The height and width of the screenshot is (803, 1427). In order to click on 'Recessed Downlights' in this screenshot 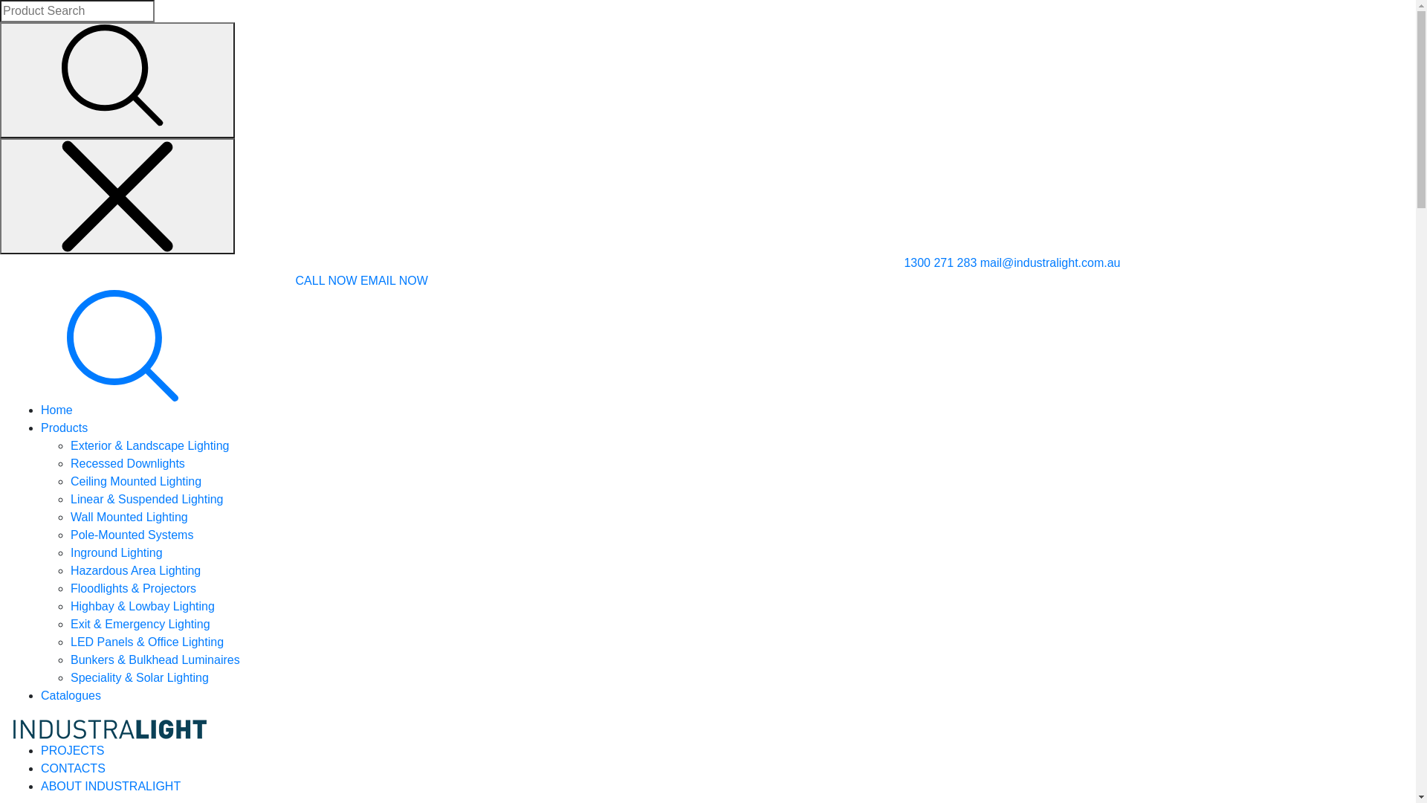, I will do `click(128, 462)`.